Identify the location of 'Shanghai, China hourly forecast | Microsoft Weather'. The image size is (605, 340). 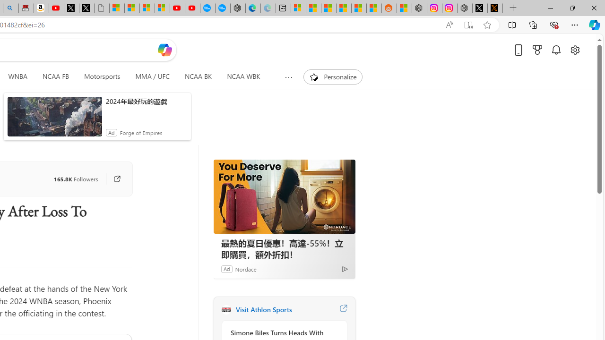
(328, 8).